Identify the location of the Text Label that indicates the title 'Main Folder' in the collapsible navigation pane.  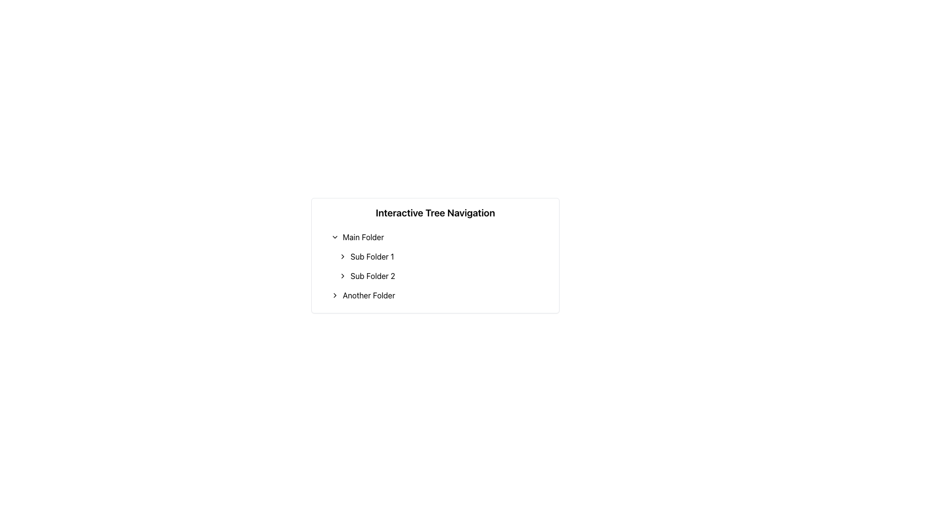
(363, 237).